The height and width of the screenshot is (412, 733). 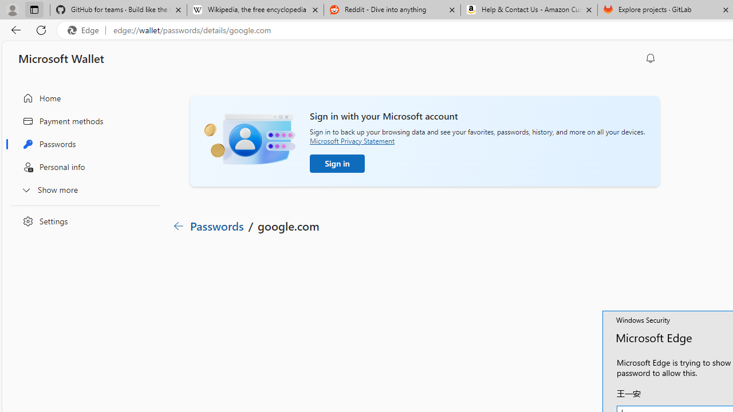 I want to click on 'Edge', so click(x=85, y=30).